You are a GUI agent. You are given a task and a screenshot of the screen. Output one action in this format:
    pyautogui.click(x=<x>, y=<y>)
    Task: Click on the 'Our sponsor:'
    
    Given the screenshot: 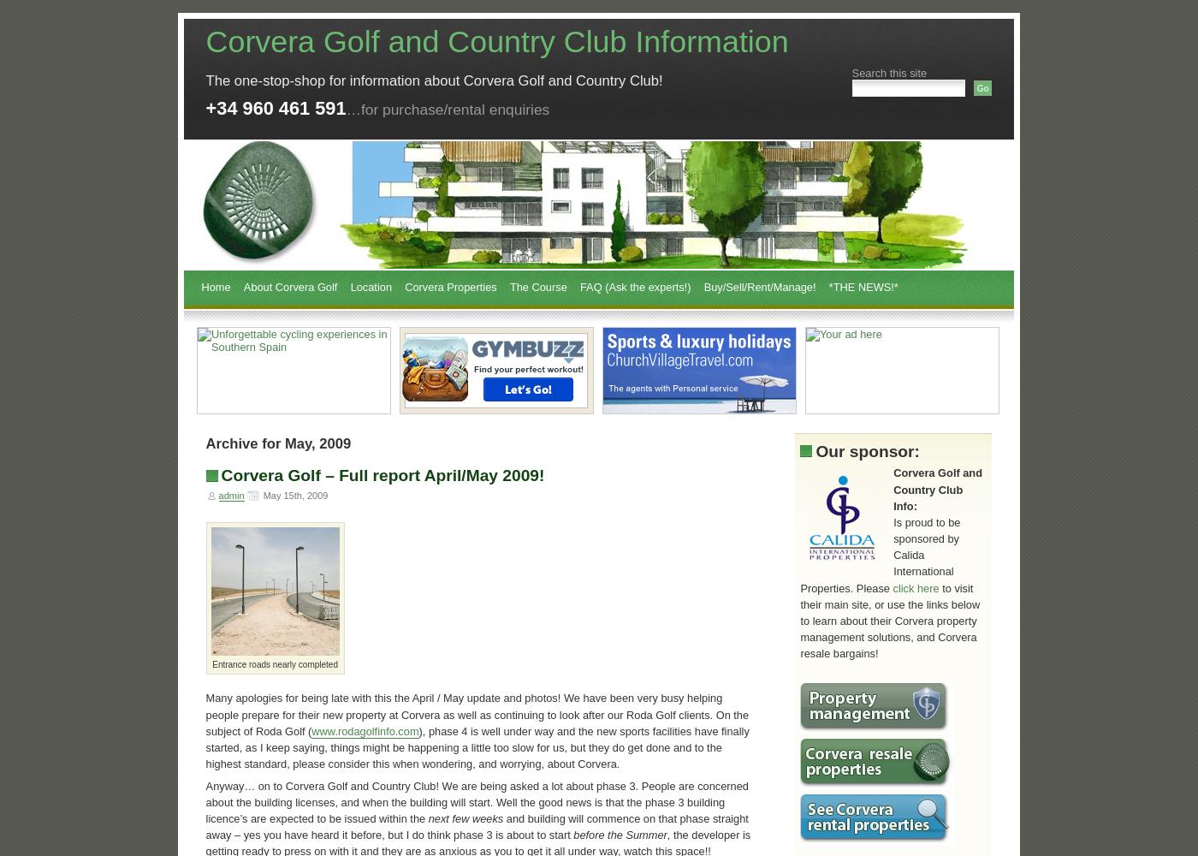 What is the action you would take?
    pyautogui.click(x=867, y=450)
    